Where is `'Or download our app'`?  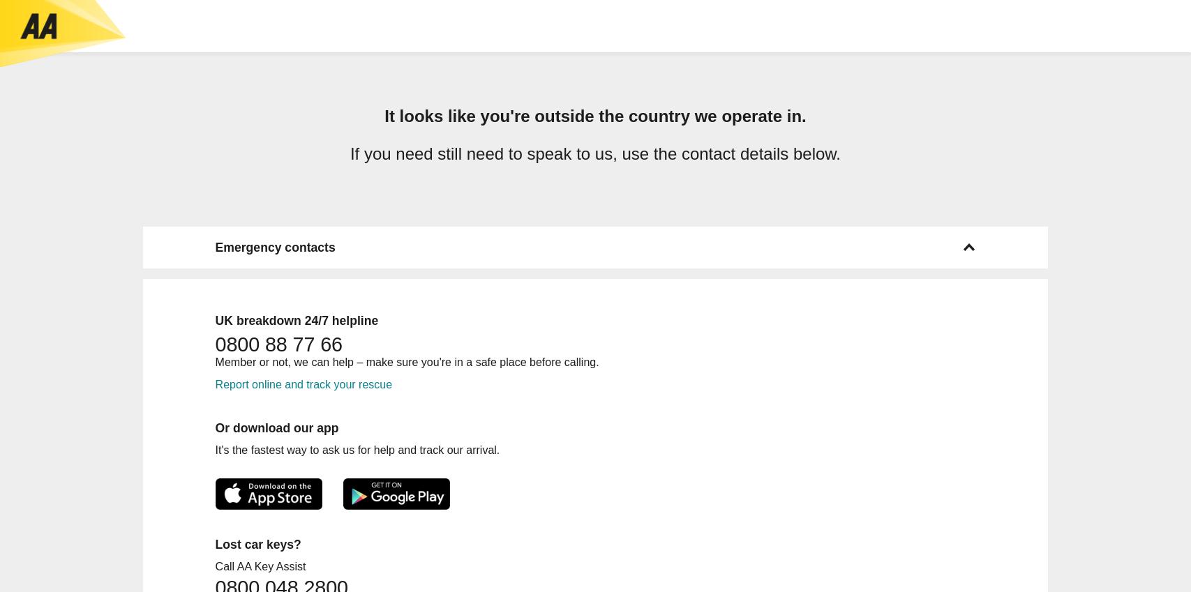
'Or download our app' is located at coordinates (276, 426).